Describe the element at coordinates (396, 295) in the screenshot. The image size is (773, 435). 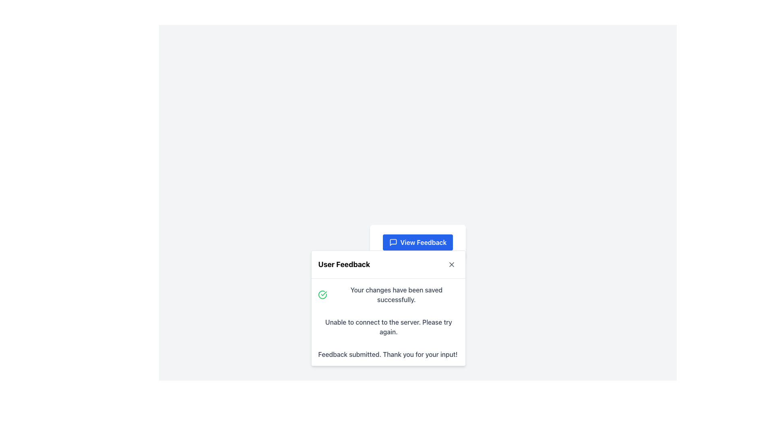
I see `confirmation message labeled 'Your changes have been saved successfully.' located in the 'User Feedback' dialog box, positioned to the right of the green checkmark icon` at that location.